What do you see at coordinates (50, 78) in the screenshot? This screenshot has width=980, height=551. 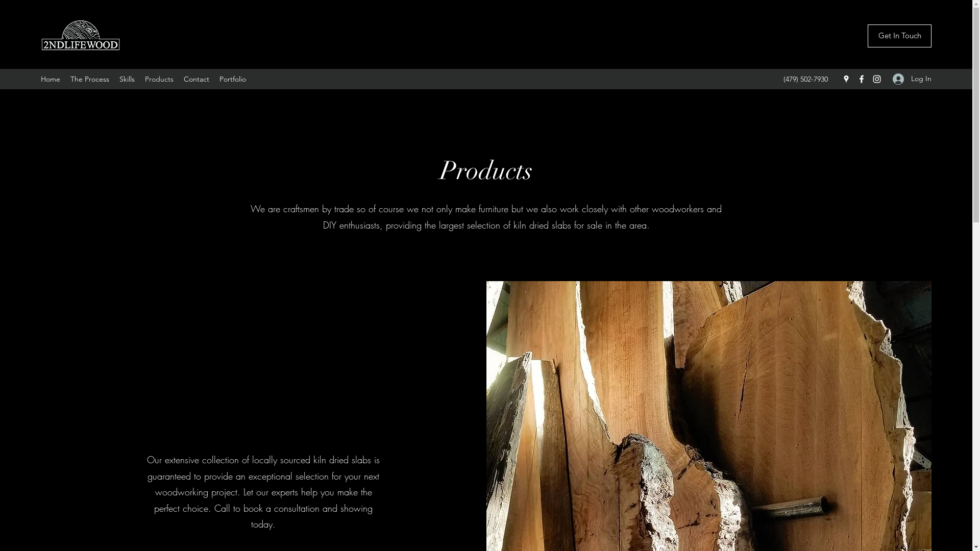 I see `'Home'` at bounding box center [50, 78].